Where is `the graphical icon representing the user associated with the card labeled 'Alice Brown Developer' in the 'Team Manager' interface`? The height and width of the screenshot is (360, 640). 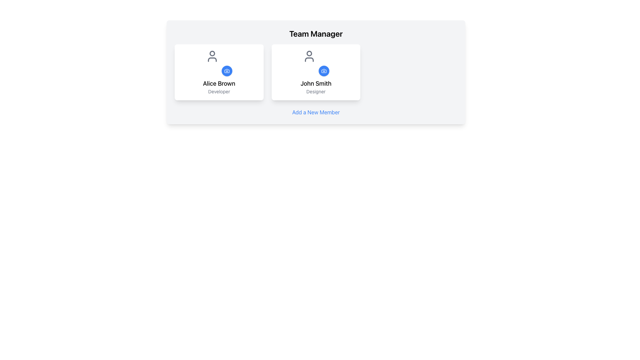
the graphical icon representing the user associated with the card labeled 'Alice Brown Developer' in the 'Team Manager' interface is located at coordinates (212, 56).